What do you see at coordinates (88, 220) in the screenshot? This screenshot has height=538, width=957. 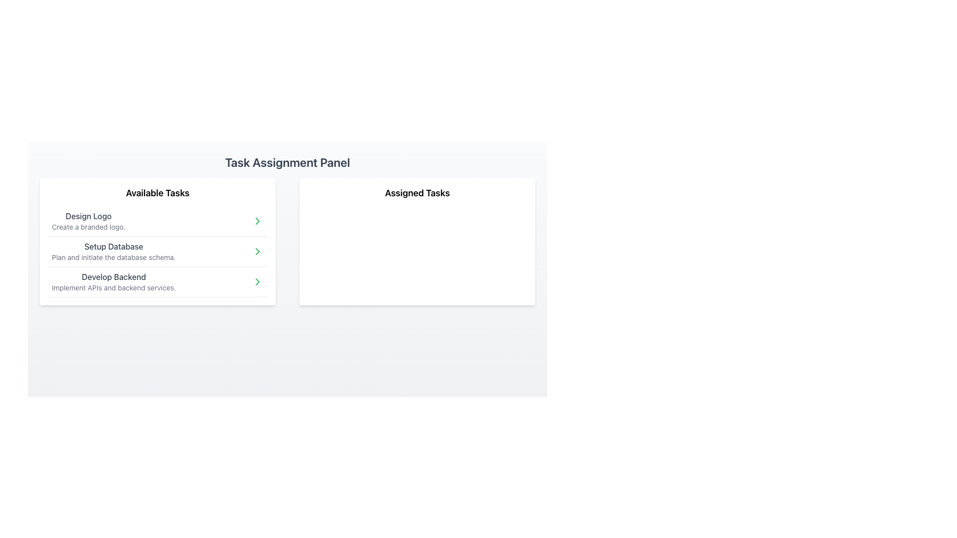 I see `the task item card located at the top left corner of the 'Available Tasks' section` at bounding box center [88, 220].